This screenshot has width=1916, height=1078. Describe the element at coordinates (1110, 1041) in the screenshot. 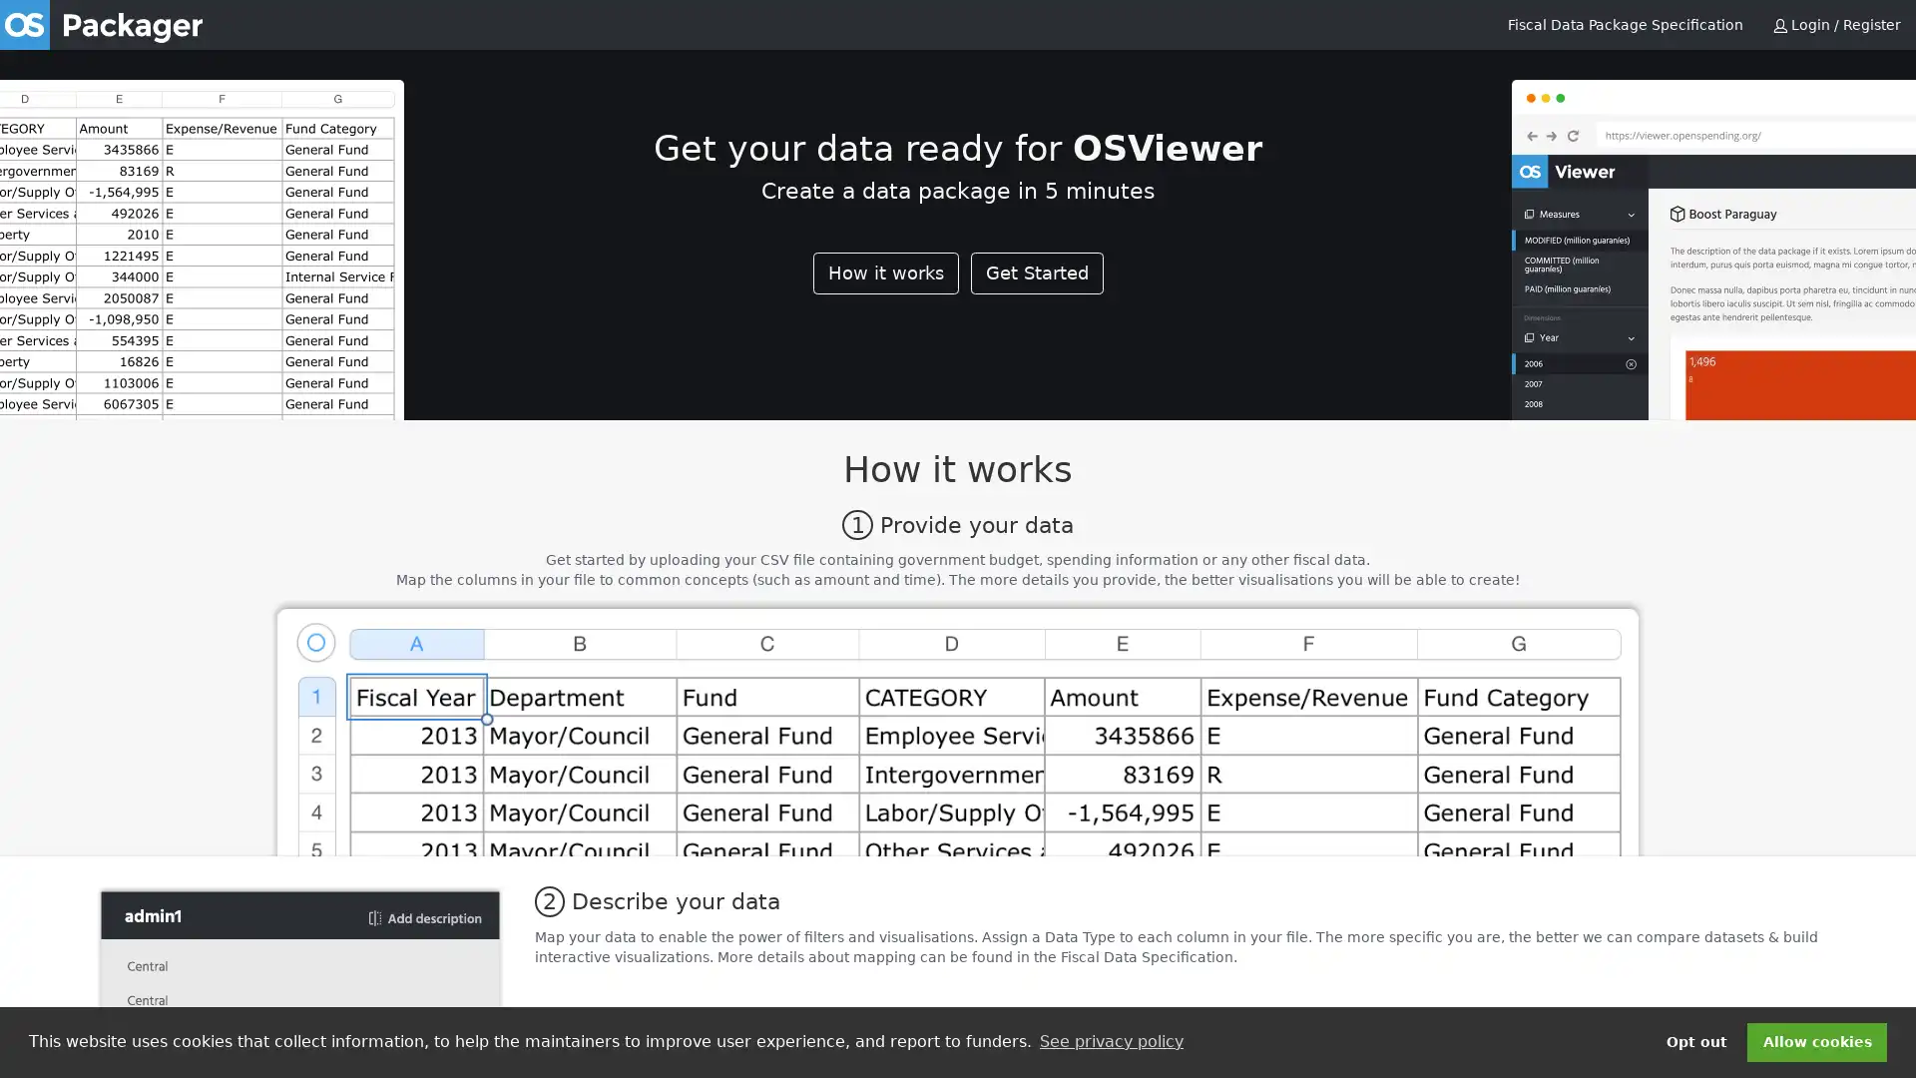

I see `learn more about cookies` at that location.